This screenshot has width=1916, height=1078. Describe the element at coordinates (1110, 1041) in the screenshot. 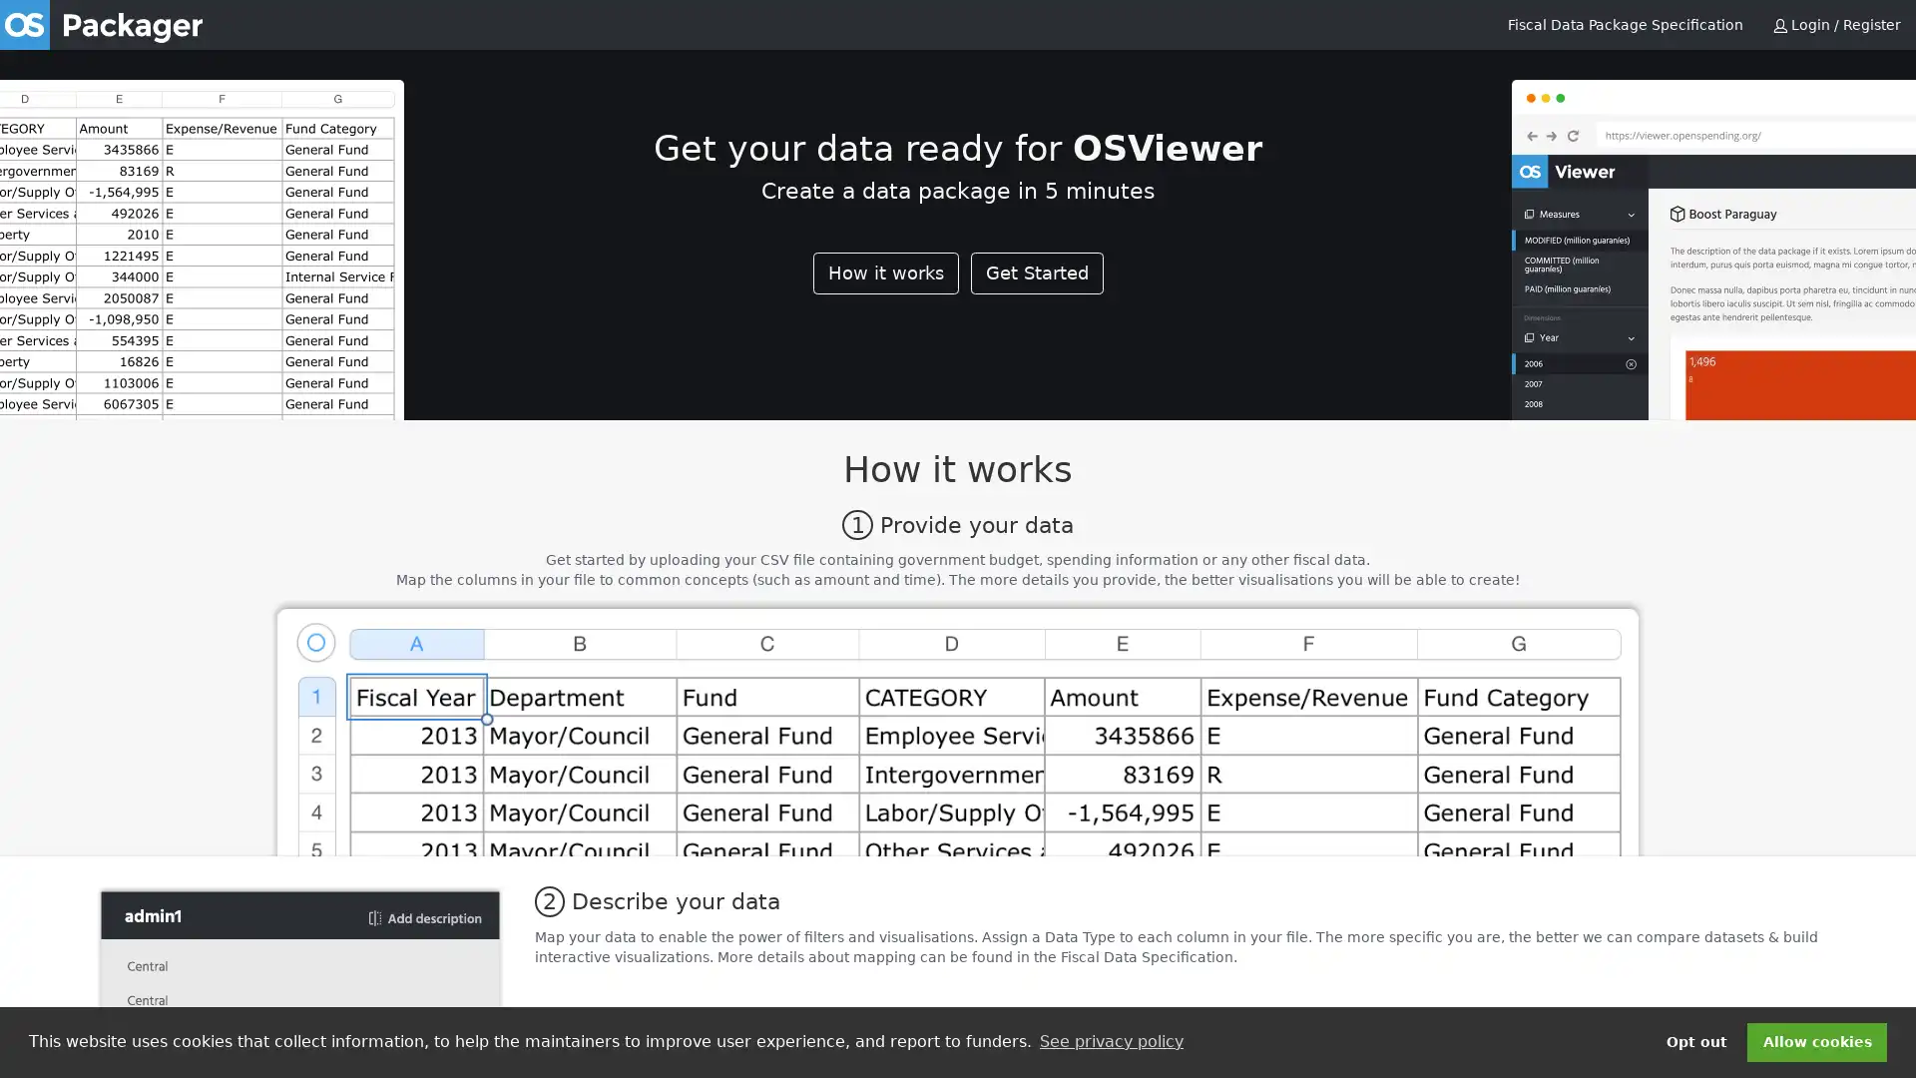

I see `learn more about cookies` at that location.